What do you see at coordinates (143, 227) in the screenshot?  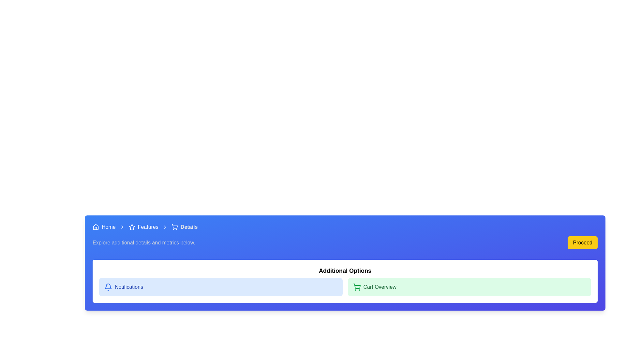 I see `the Breadcrumb navigation item labeled 'Features'` at bounding box center [143, 227].